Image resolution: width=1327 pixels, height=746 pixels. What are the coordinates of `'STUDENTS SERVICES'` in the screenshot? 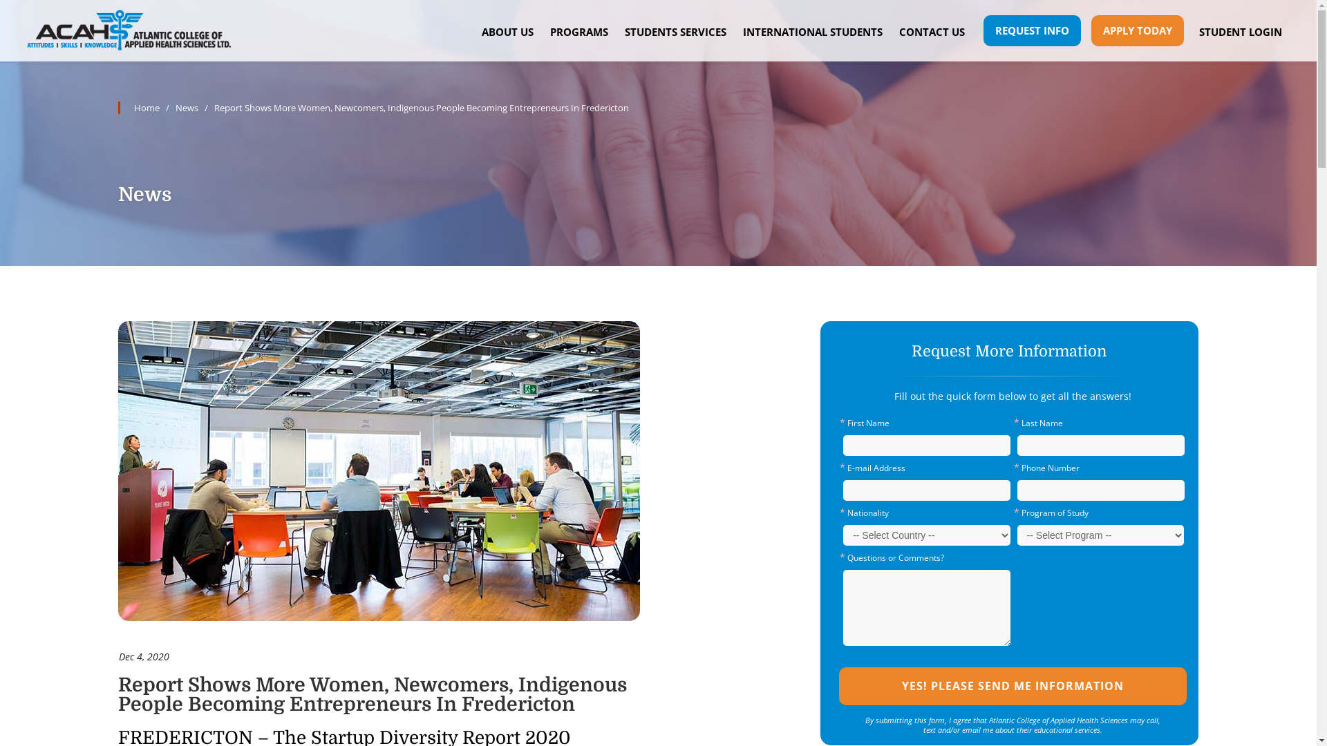 It's located at (616, 31).